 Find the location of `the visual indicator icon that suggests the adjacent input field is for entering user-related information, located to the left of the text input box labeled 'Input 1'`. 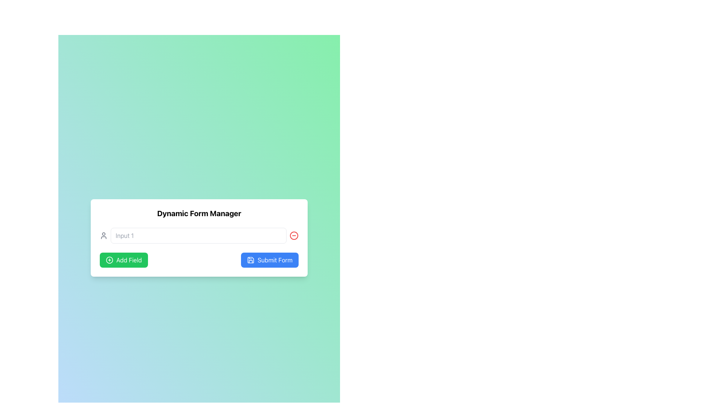

the visual indicator icon that suggests the adjacent input field is for entering user-related information, located to the left of the text input box labeled 'Input 1' is located at coordinates (103, 235).